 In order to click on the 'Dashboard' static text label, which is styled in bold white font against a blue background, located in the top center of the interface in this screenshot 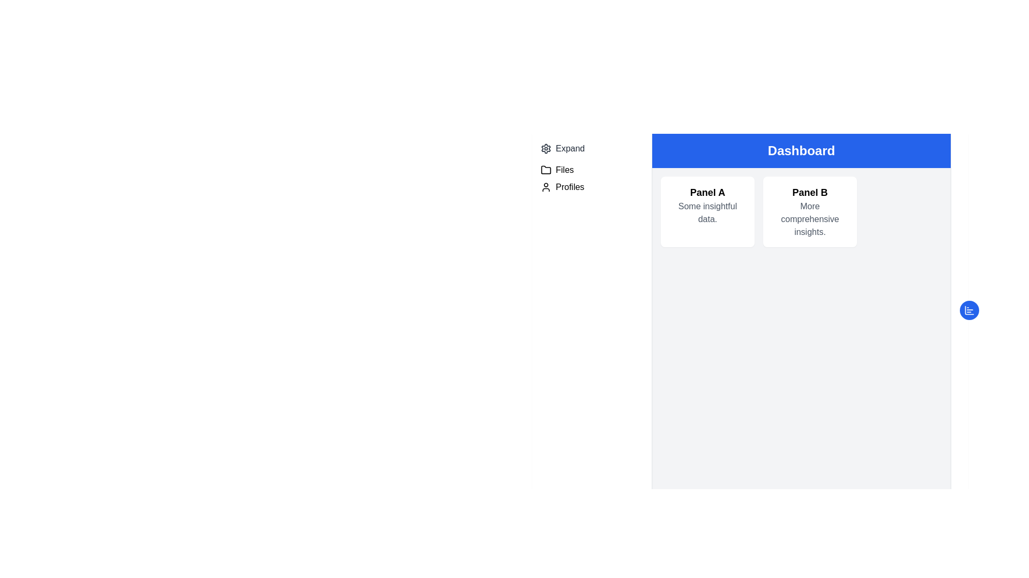, I will do `click(801, 150)`.